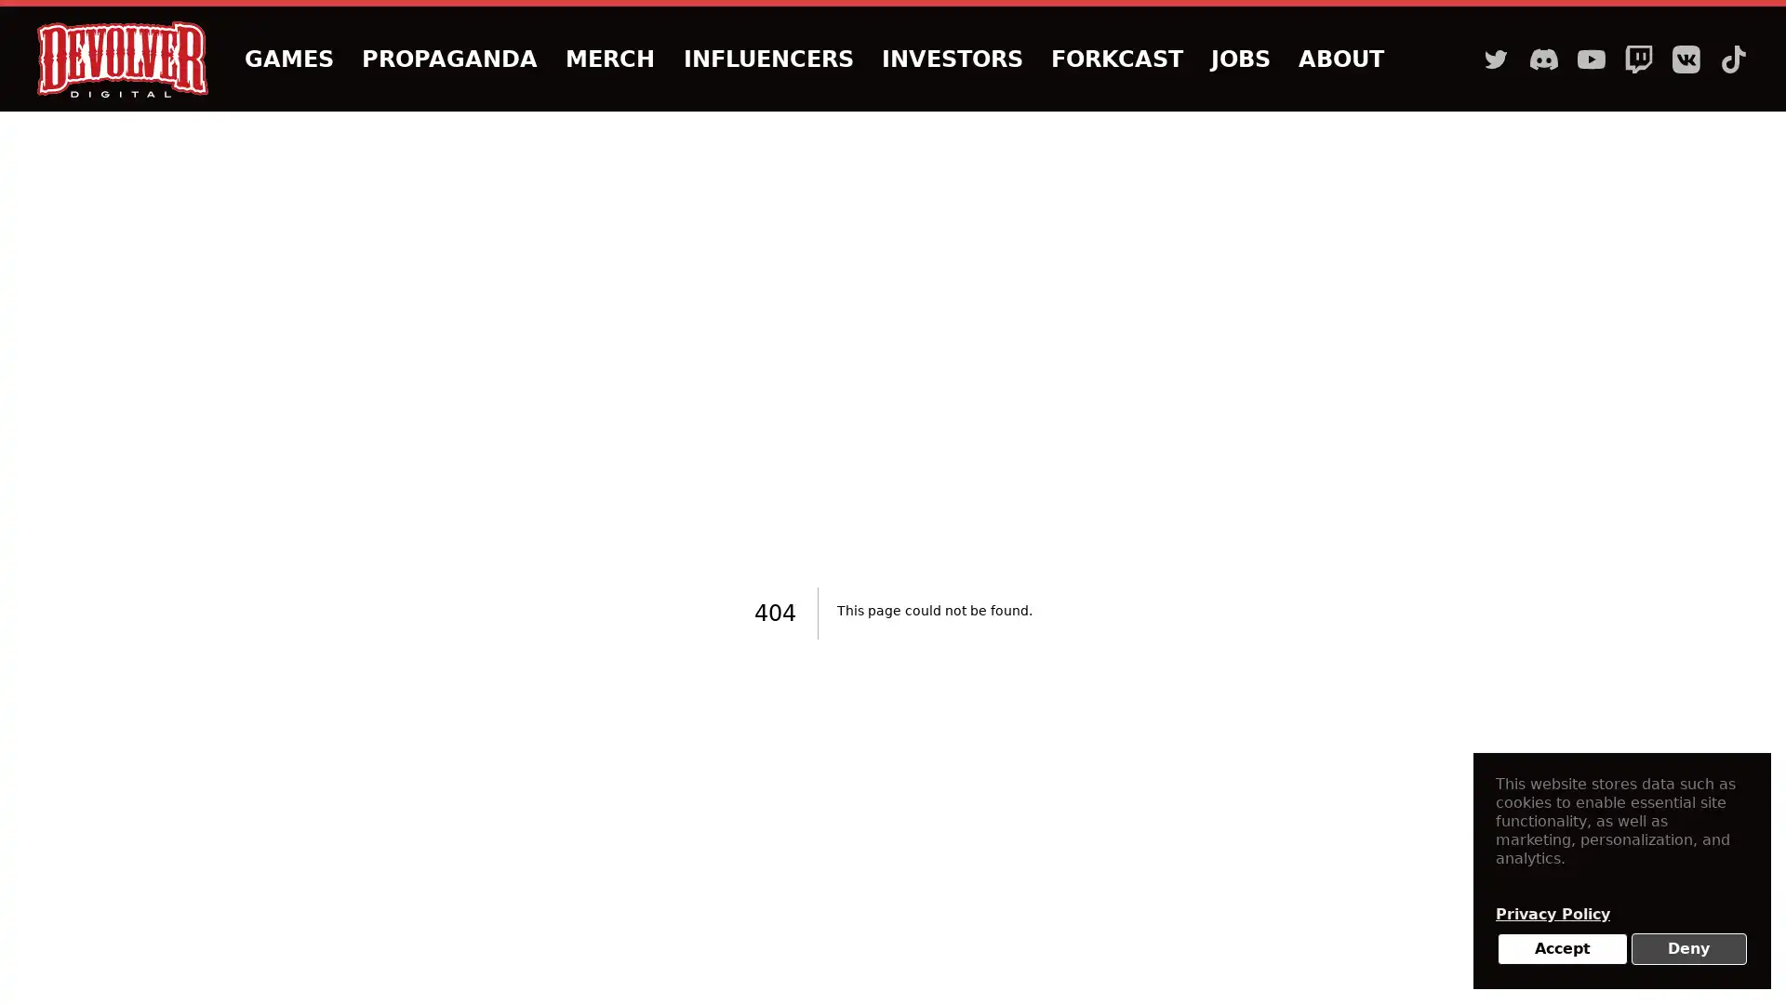 The image size is (1786, 1004). I want to click on Accept, so click(1562, 949).